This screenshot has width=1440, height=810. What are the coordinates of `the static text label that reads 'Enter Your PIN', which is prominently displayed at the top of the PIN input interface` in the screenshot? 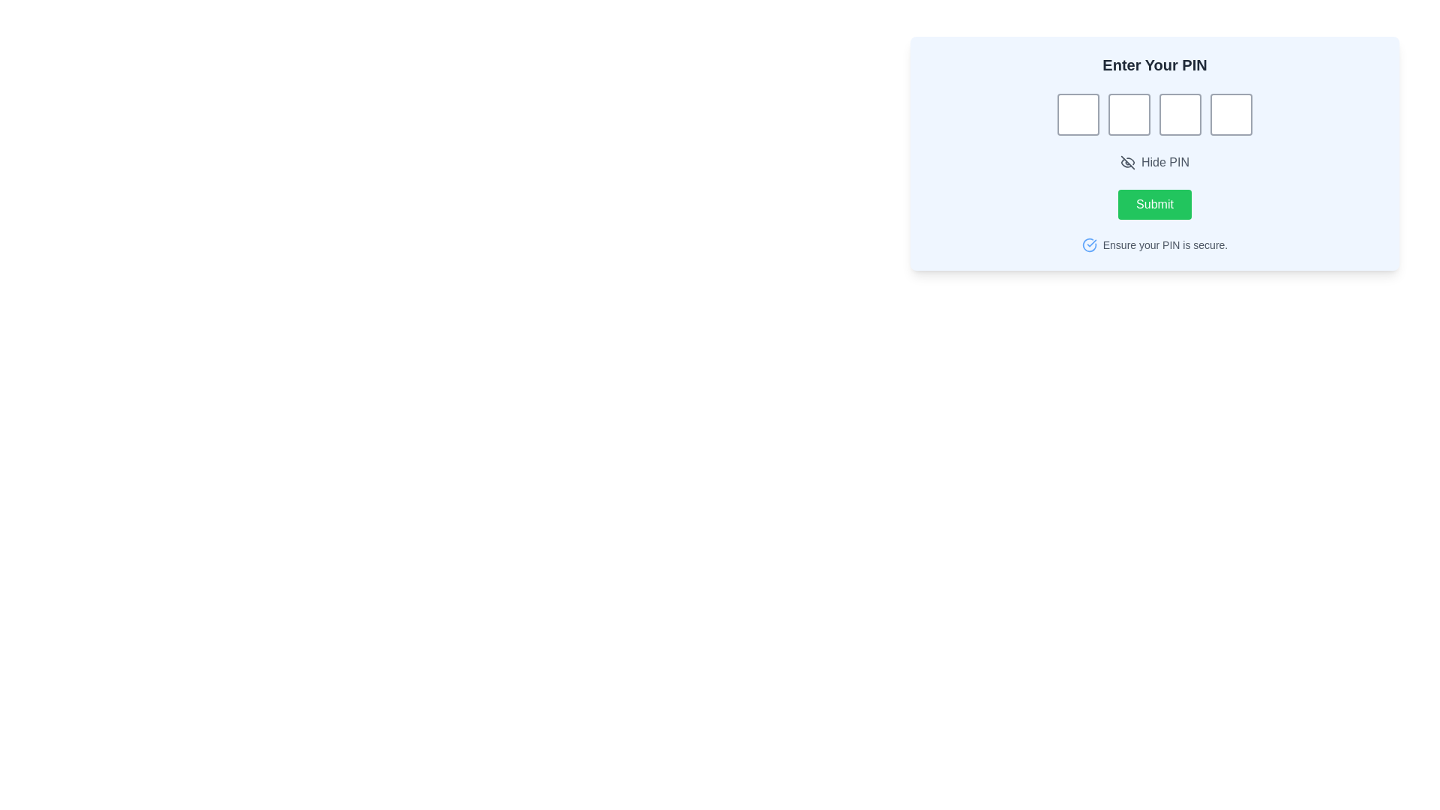 It's located at (1154, 64).